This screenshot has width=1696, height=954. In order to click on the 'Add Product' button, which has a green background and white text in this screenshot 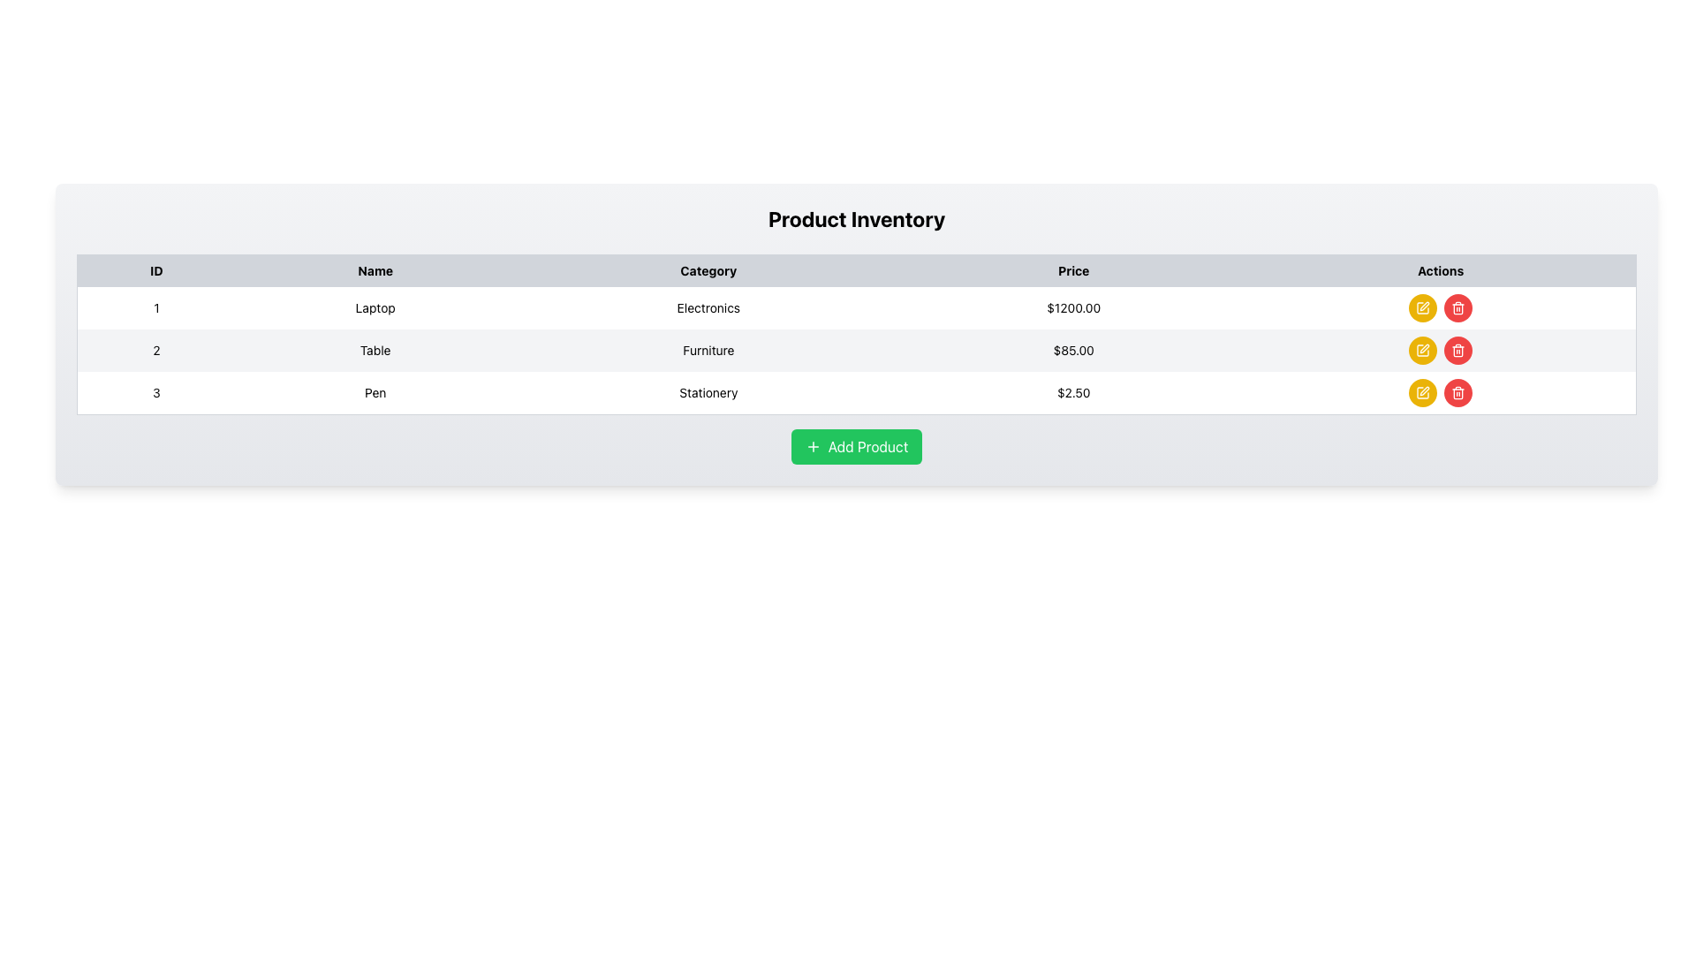, I will do `click(856, 445)`.